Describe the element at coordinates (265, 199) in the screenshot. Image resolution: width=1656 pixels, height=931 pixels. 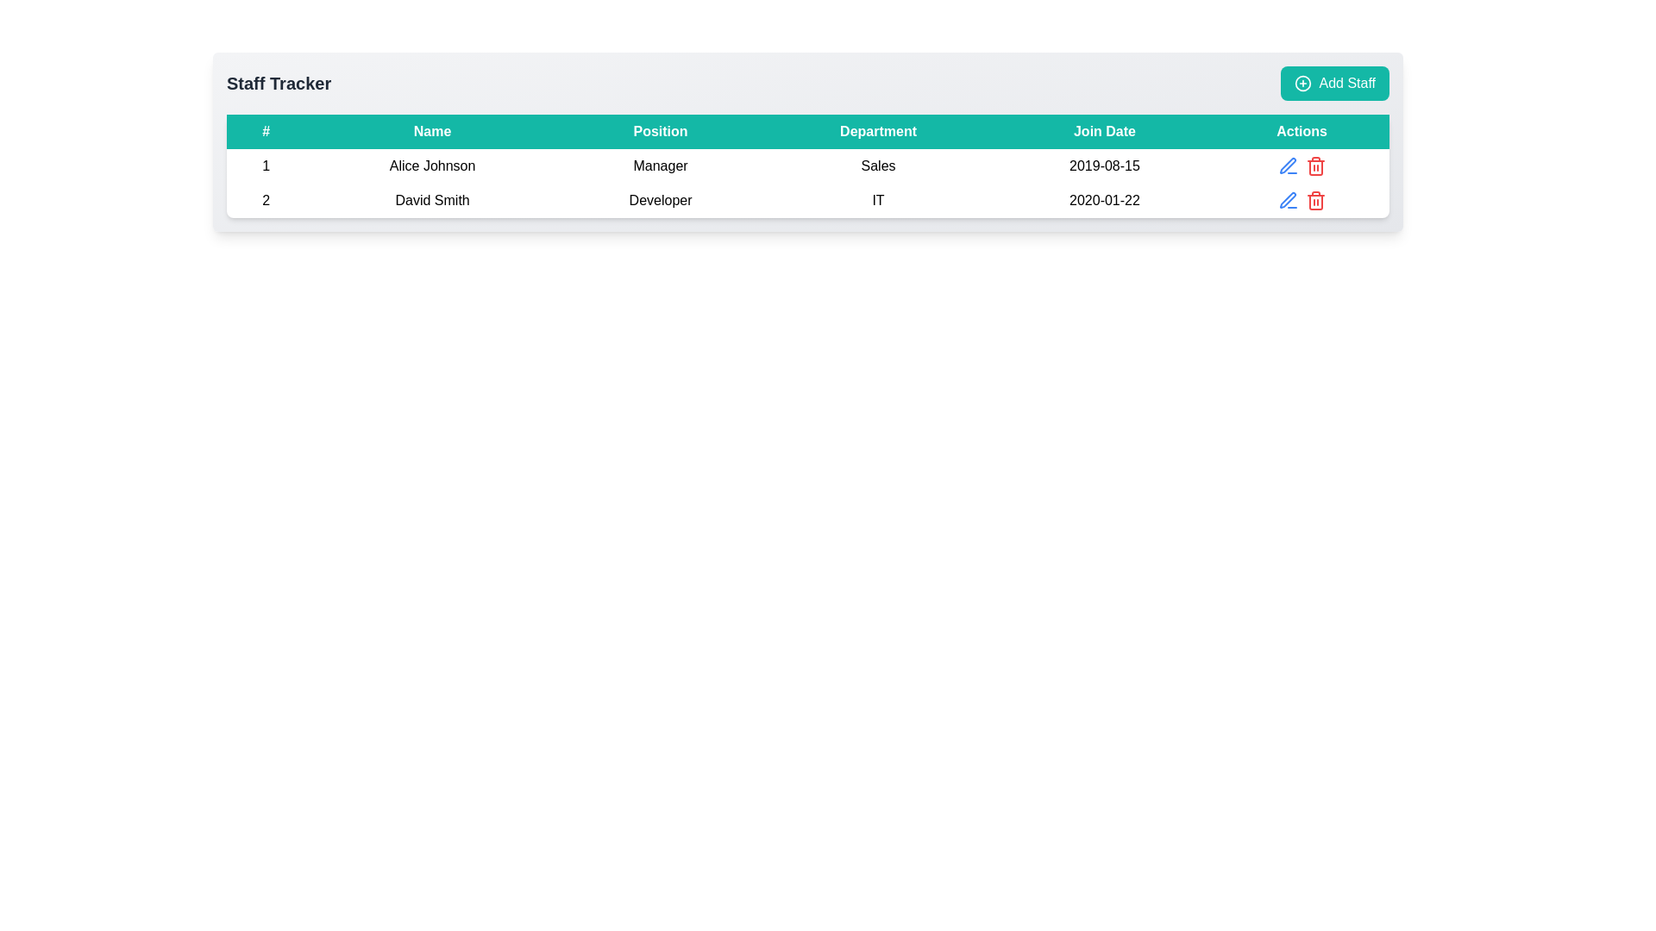
I see `the numeric text '2' in the first column of the second row of the data table, which is styled with padding and centered alignment` at that location.